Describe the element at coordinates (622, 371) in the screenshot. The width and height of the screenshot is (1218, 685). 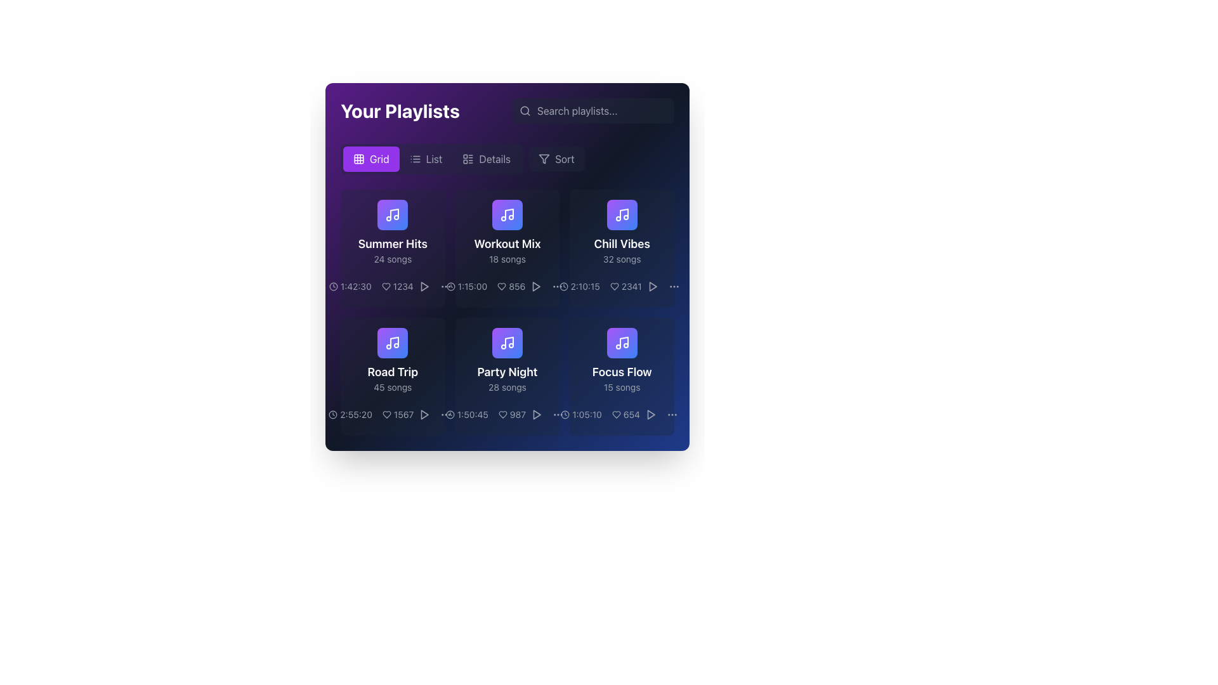
I see `the 'Focus Flow' text label, which is styled in large bold white font against a darker blue background, centered at the top of the playlist card in the 'Your Playlists' panel` at that location.